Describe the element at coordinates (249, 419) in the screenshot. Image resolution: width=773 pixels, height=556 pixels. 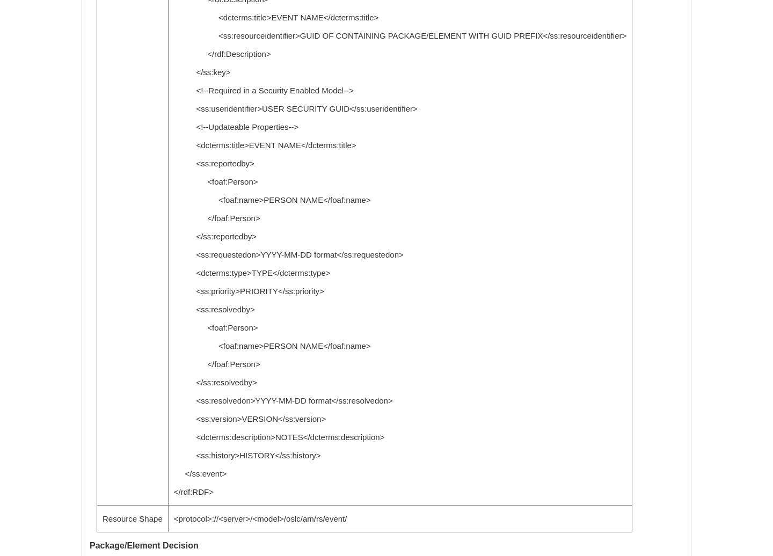
I see `'<ss:version>VERSION</ss:version>'` at that location.